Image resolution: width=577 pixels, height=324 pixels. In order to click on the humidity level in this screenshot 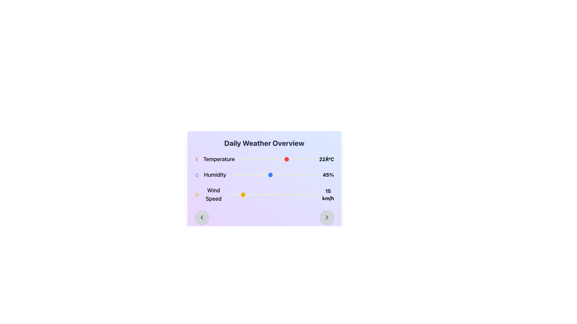, I will do `click(246, 175)`.